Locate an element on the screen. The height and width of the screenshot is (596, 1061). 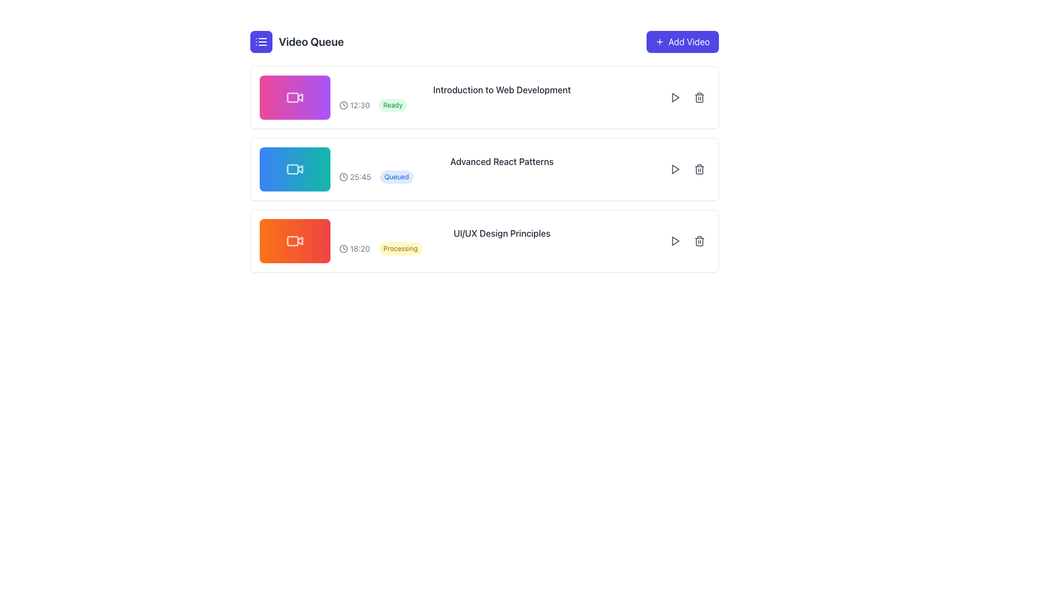
the list item row titled 'Advanced React Patterns', which displays the duration '25:45' on the left and a 'Queued' badge on the right is located at coordinates (484, 151).